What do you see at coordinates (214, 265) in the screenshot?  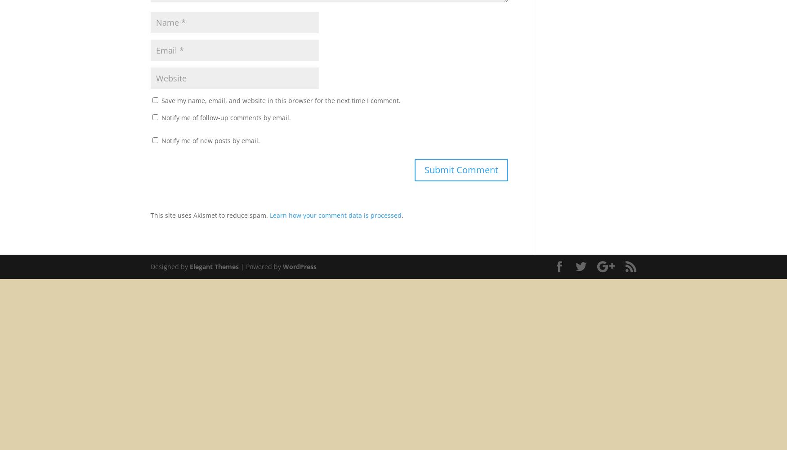 I see `'Elegant Themes'` at bounding box center [214, 265].